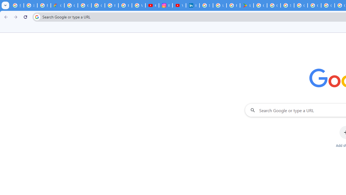 Image resolution: width=346 pixels, height=195 pixels. What do you see at coordinates (152, 5) in the screenshot?
I see `'#nbabasketballhighlights - YouTube'` at bounding box center [152, 5].